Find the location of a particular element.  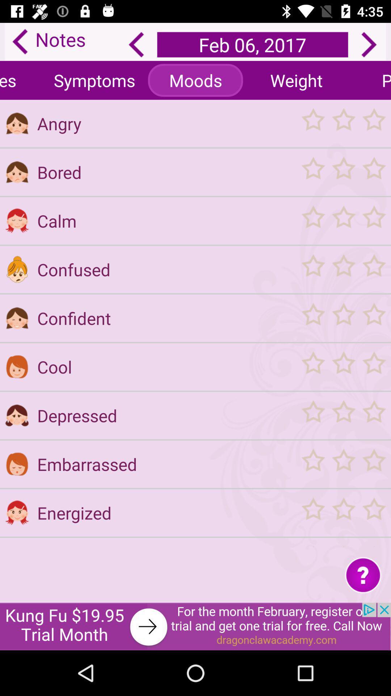

the moods option is located at coordinates (195, 80).